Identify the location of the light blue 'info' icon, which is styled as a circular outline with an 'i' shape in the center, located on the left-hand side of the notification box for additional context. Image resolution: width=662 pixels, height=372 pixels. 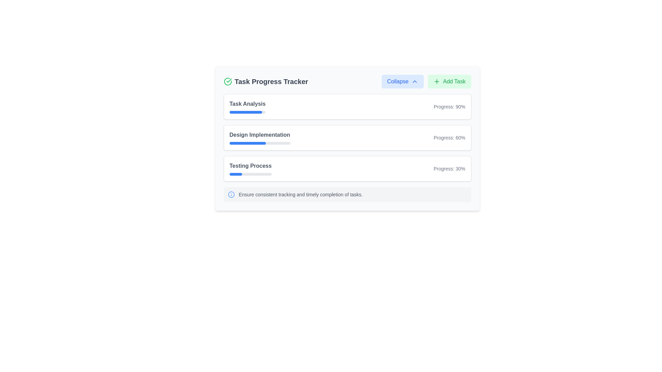
(231, 194).